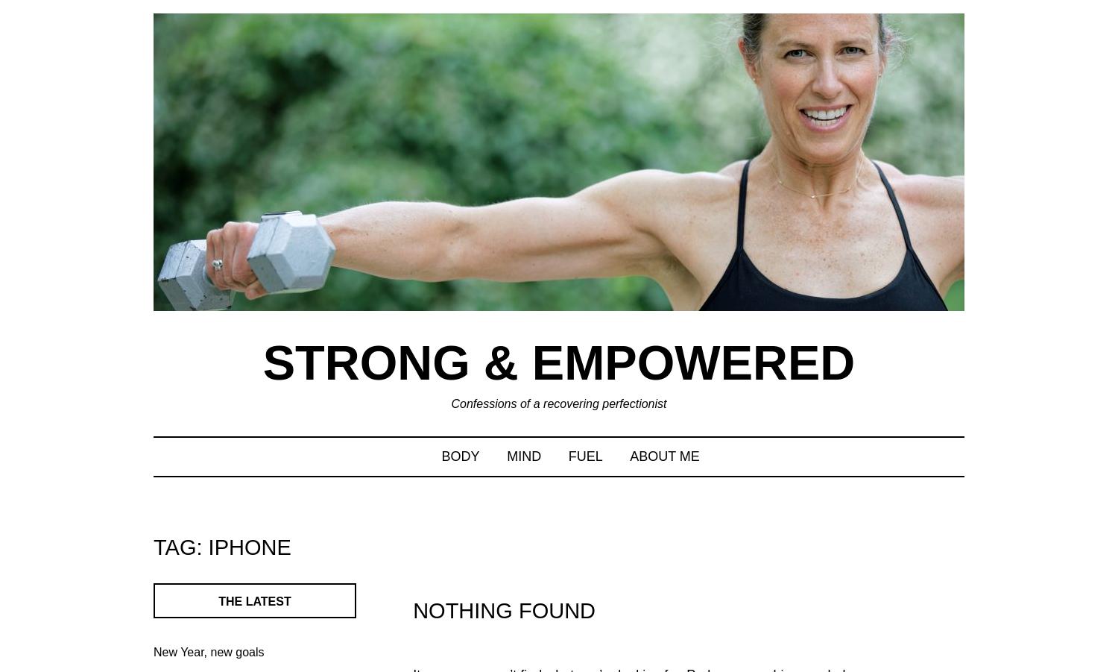 The width and height of the screenshot is (1118, 672). Describe the element at coordinates (152, 545) in the screenshot. I see `'Tag:'` at that location.